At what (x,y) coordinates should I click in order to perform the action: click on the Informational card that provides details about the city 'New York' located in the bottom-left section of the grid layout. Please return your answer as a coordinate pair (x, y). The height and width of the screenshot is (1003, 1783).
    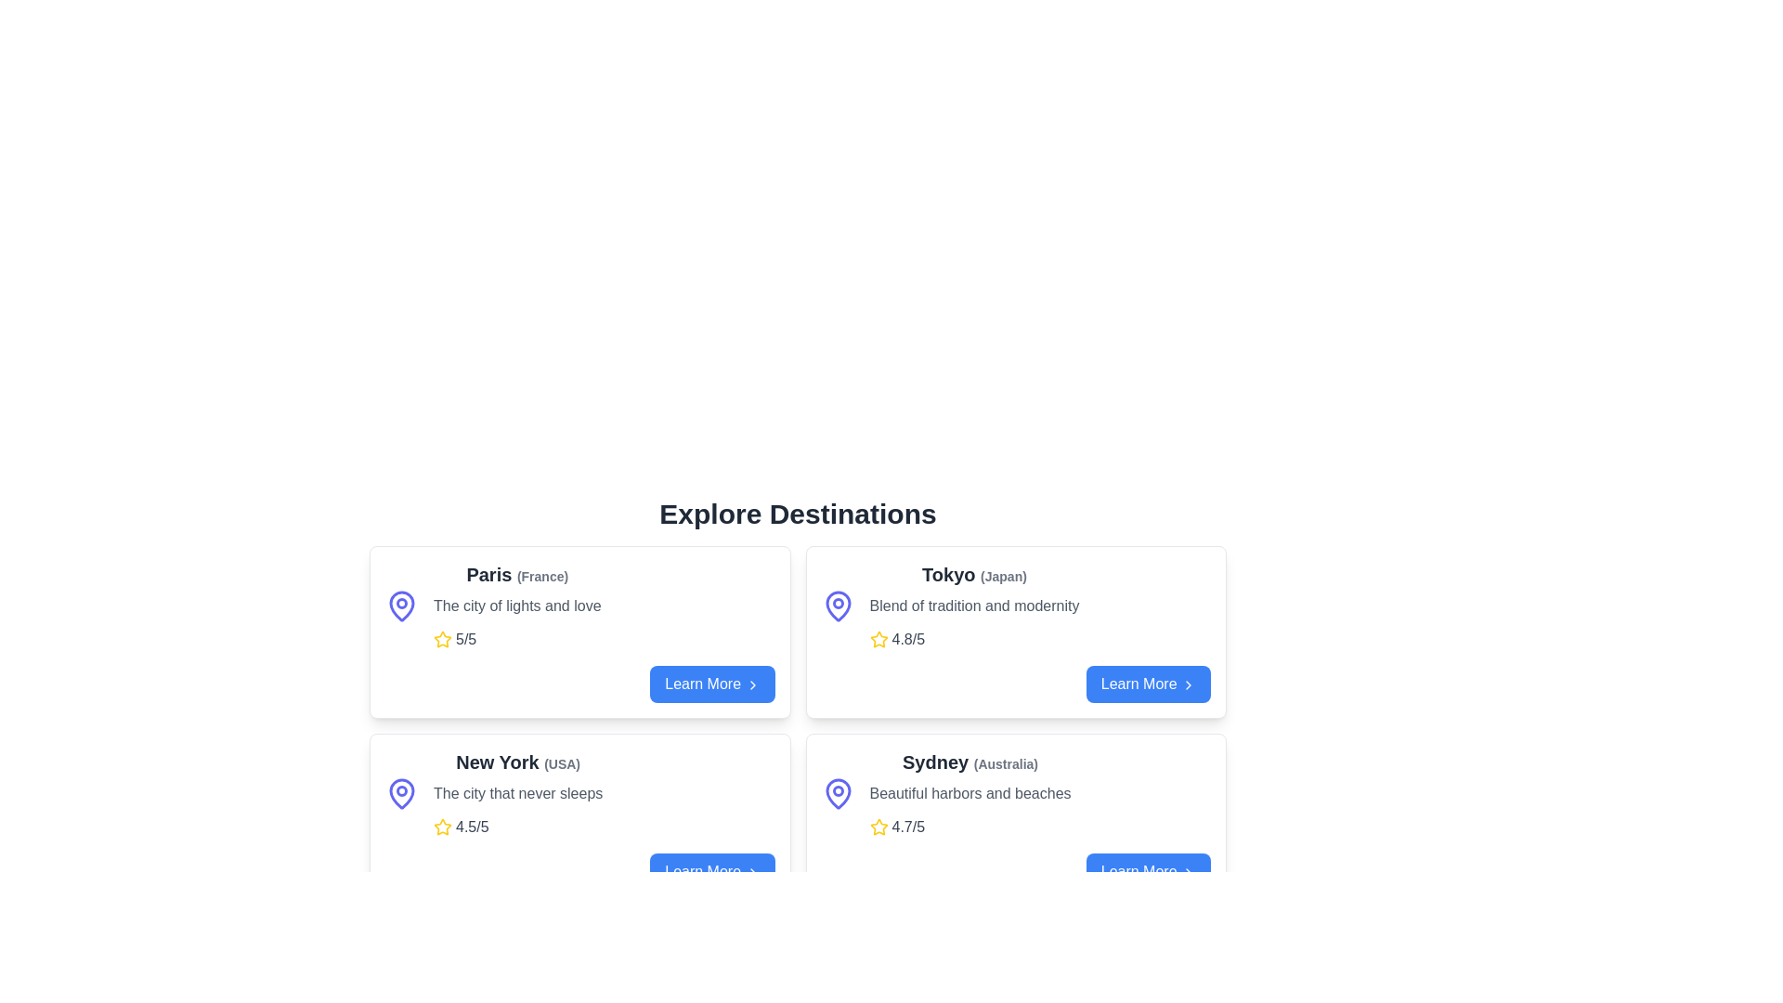
    Looking at the image, I should click on (518, 794).